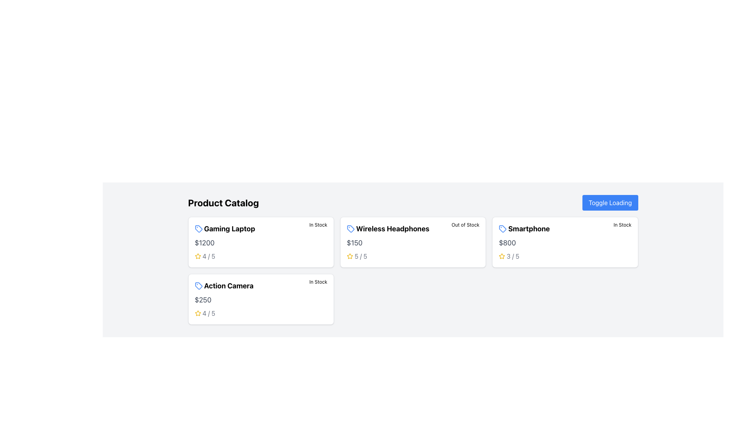  I want to click on the Rating display for the 'Smartphone' product, which shows a rating value of 3 out of 5, located in the bottom-right section of the product card, so click(509, 256).